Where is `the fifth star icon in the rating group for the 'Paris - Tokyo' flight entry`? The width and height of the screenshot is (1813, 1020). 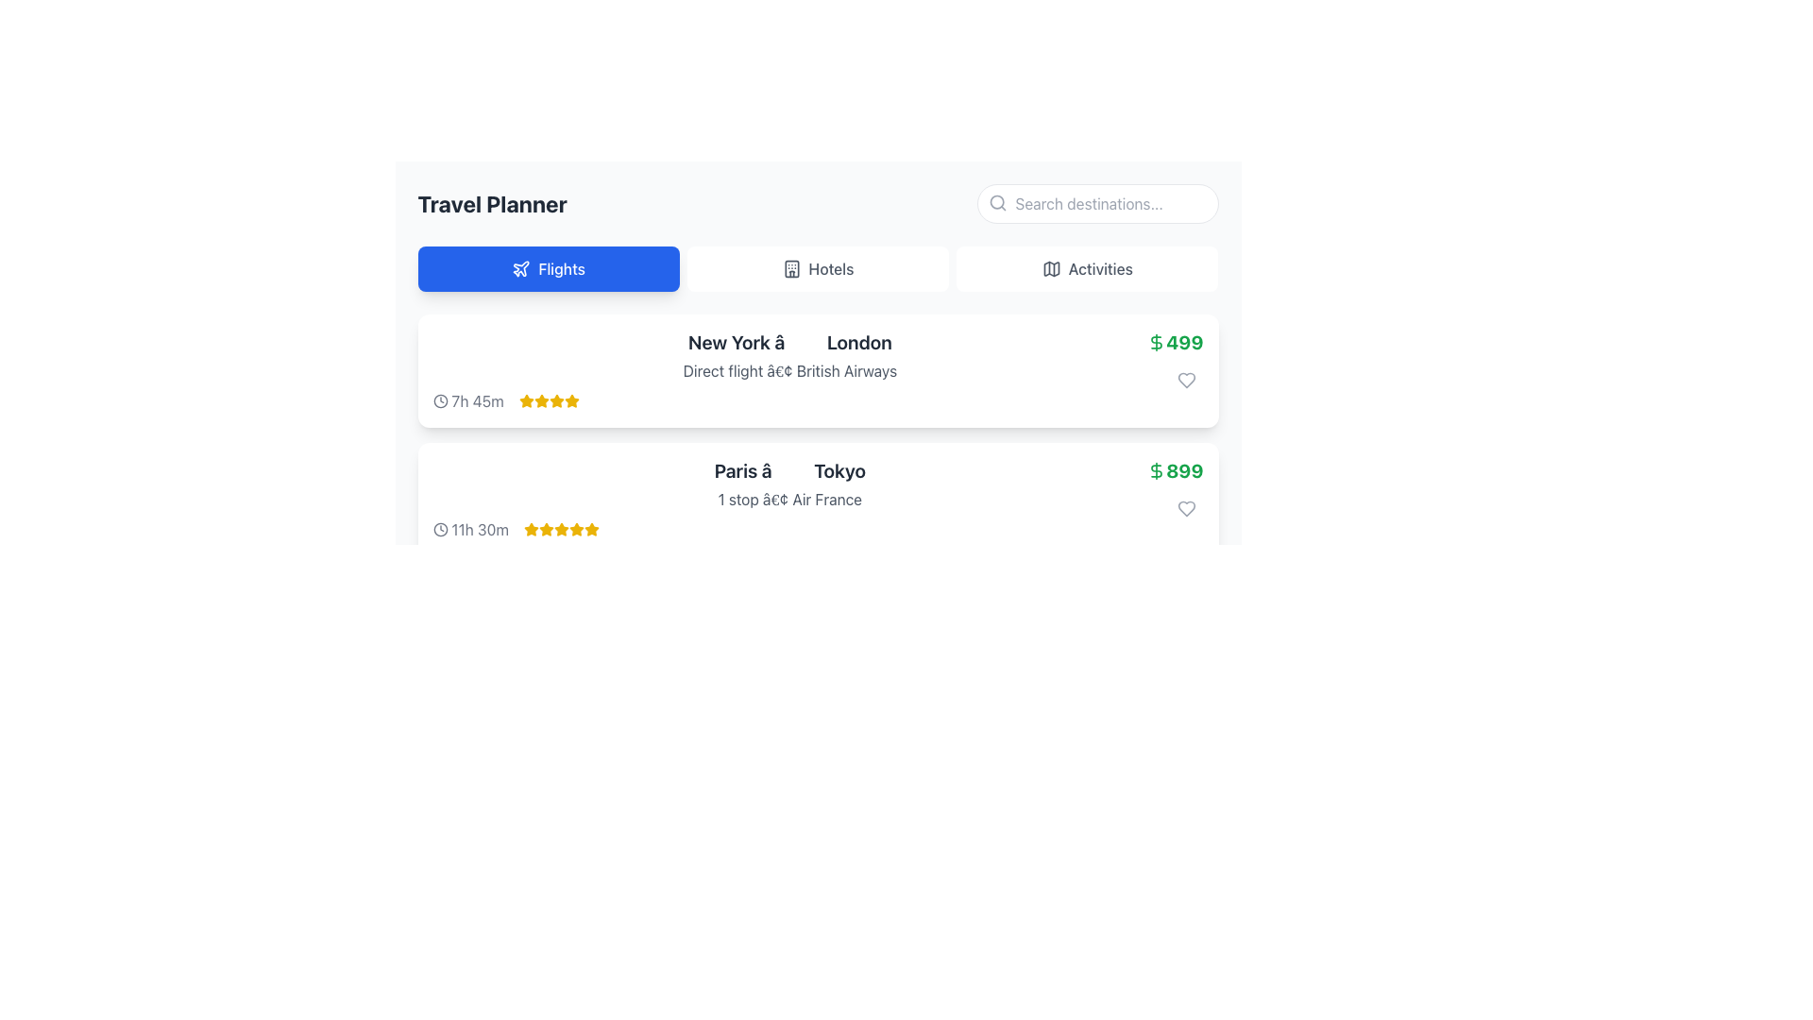
the fifth star icon in the rating group for the 'Paris - Tokyo' flight entry is located at coordinates (591, 529).